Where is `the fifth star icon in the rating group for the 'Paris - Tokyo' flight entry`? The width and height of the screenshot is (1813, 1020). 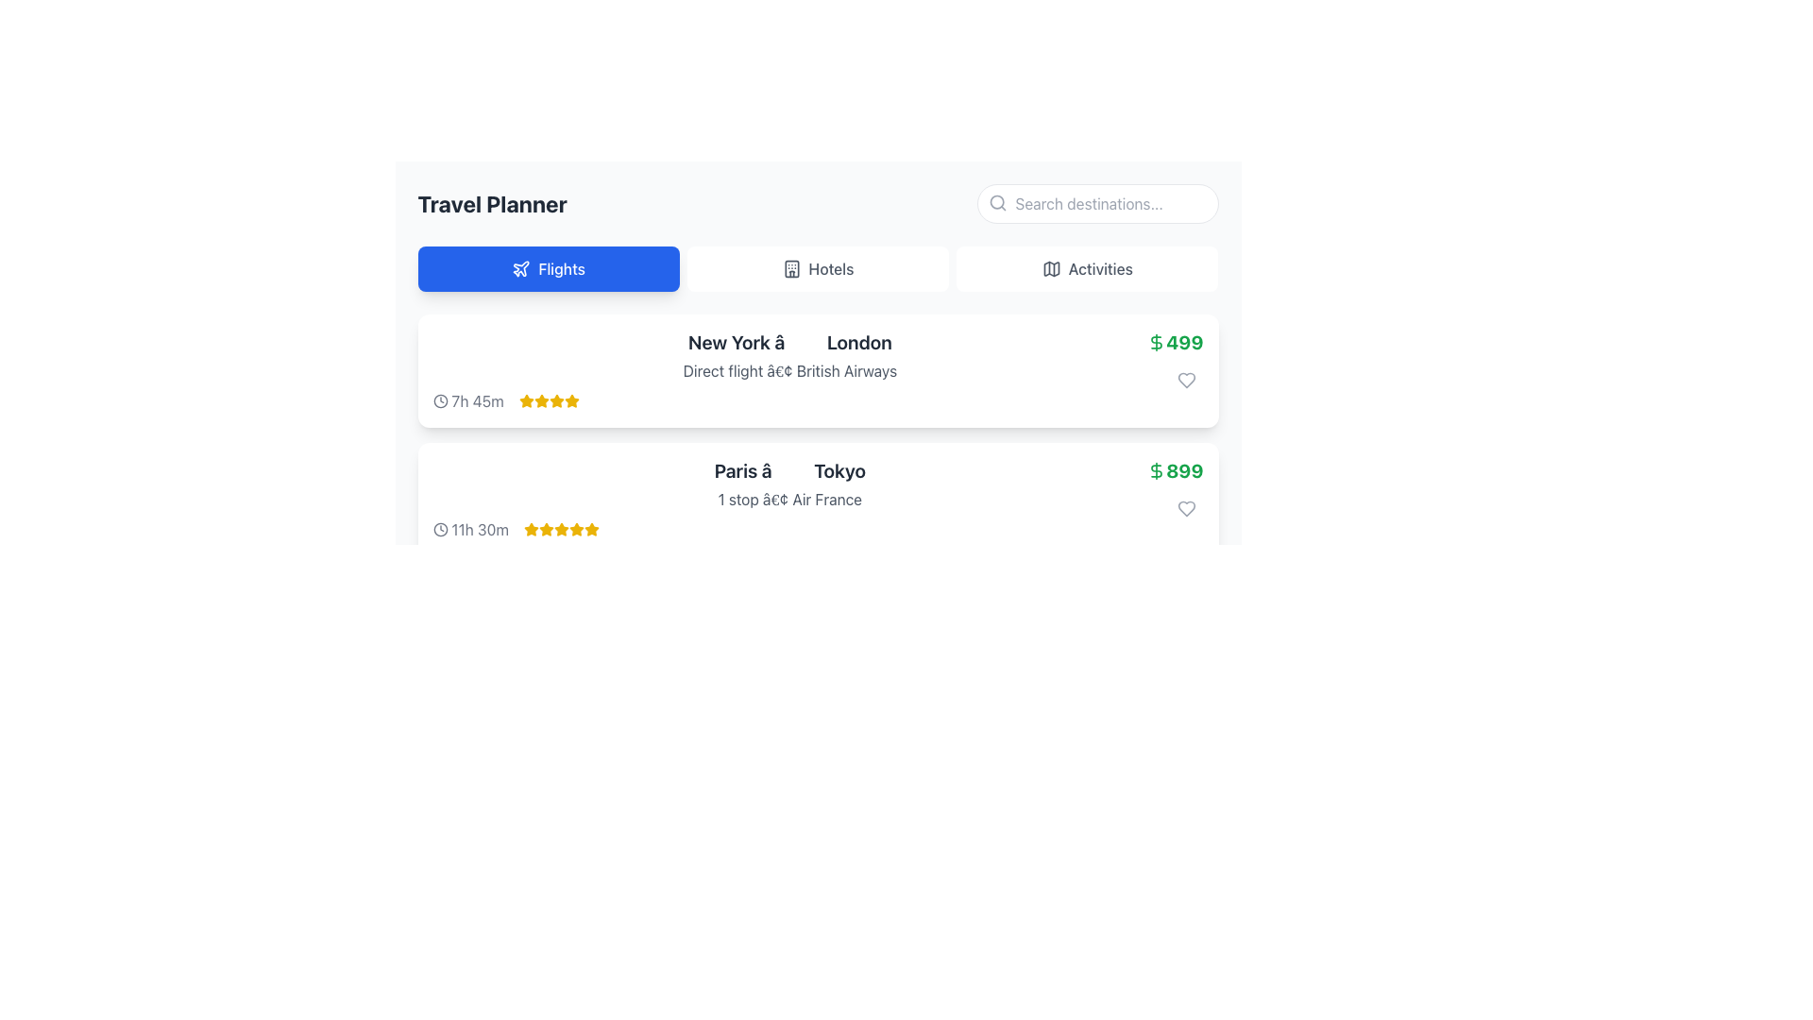
the fifth star icon in the rating group for the 'Paris - Tokyo' flight entry is located at coordinates (591, 529).